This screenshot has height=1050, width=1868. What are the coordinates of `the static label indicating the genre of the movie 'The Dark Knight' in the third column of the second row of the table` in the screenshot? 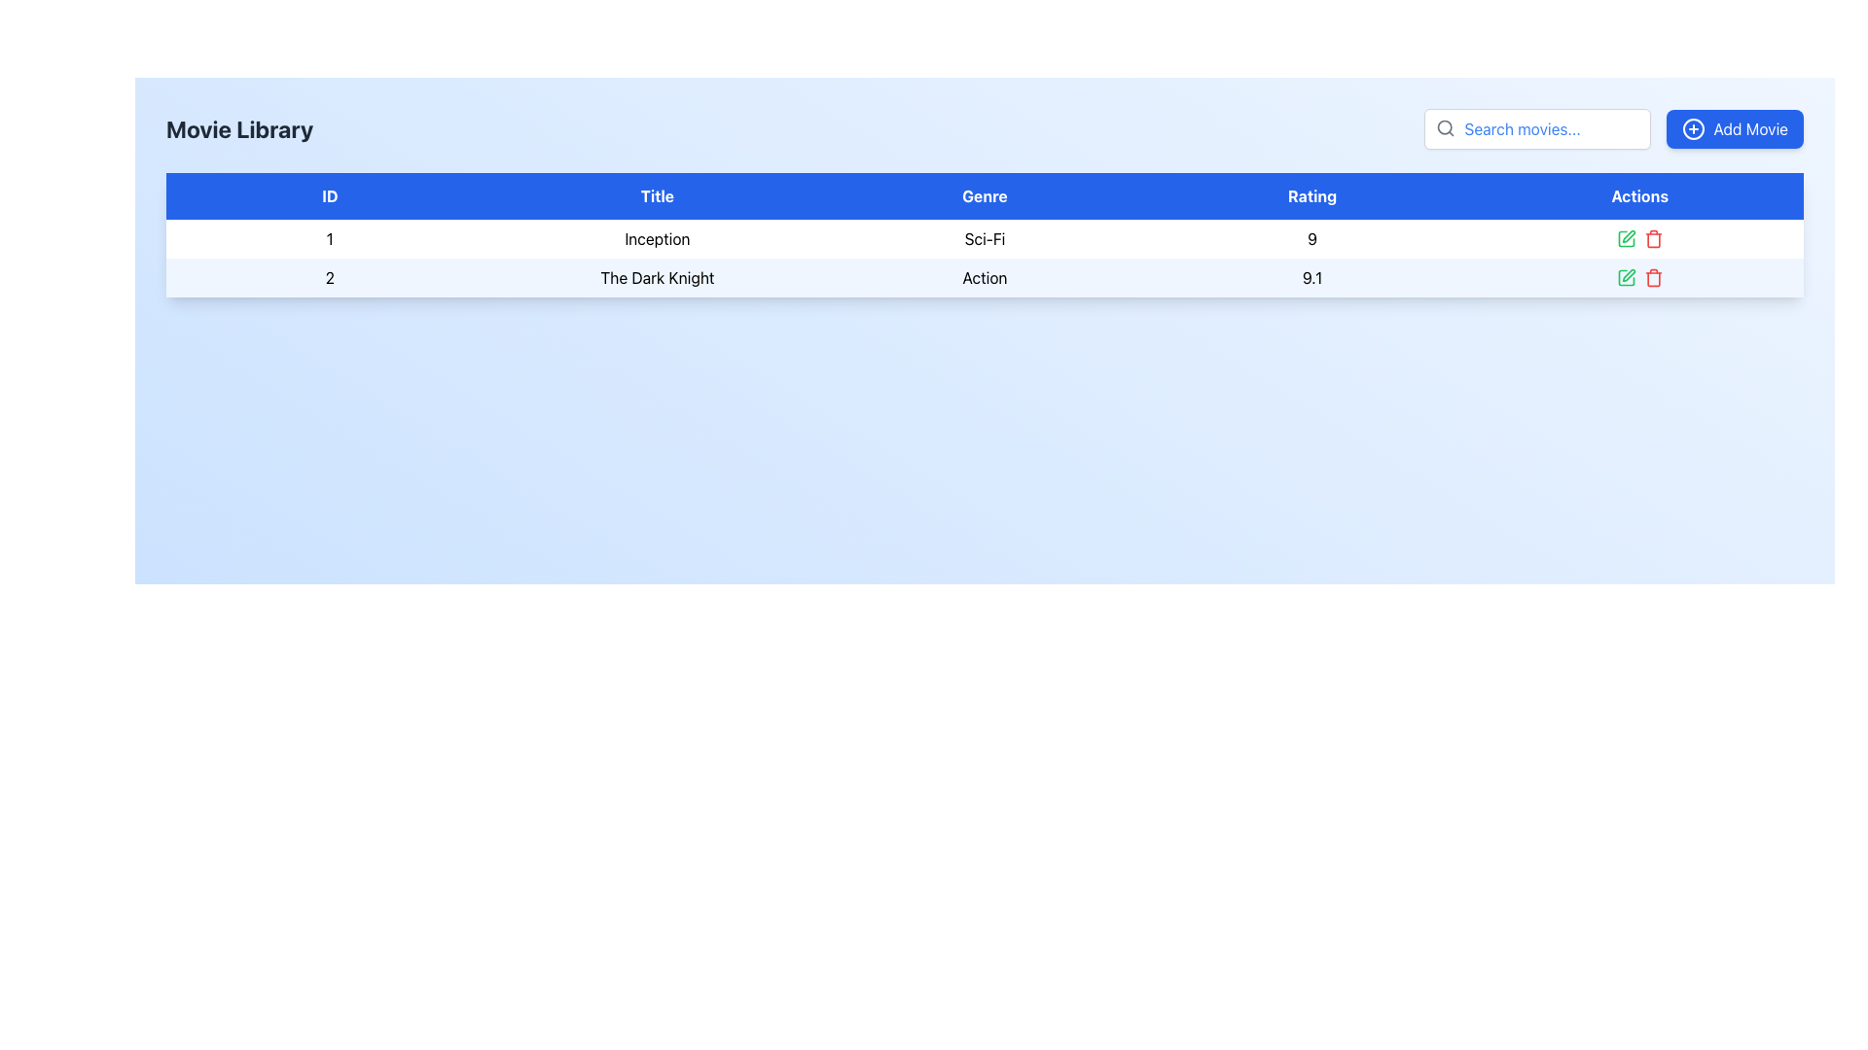 It's located at (985, 277).